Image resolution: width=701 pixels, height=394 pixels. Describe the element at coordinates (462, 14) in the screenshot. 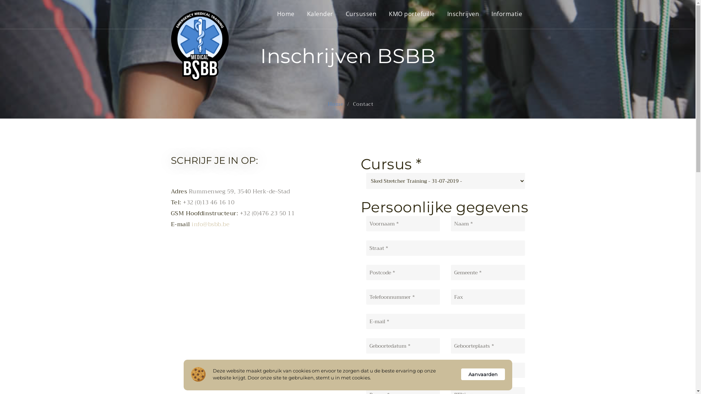

I see `'Inschrijven'` at that location.